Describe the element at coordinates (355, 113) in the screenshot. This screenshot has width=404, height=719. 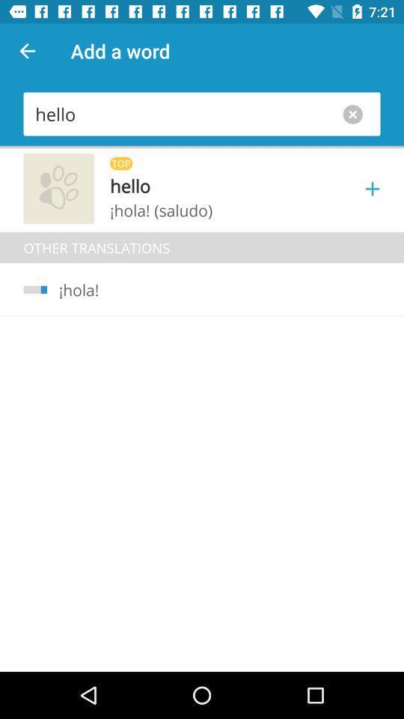
I see `clear` at that location.